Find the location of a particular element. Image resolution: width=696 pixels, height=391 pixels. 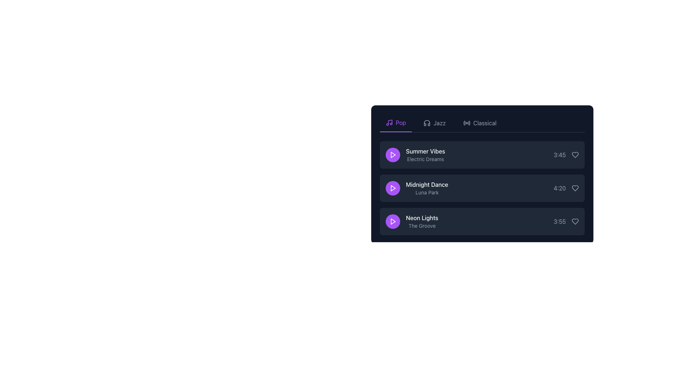

the triangular-shaped purple play button icon located to the left of the text 'Midnight Dance' to initiate playback of the associated song is located at coordinates (393, 188).